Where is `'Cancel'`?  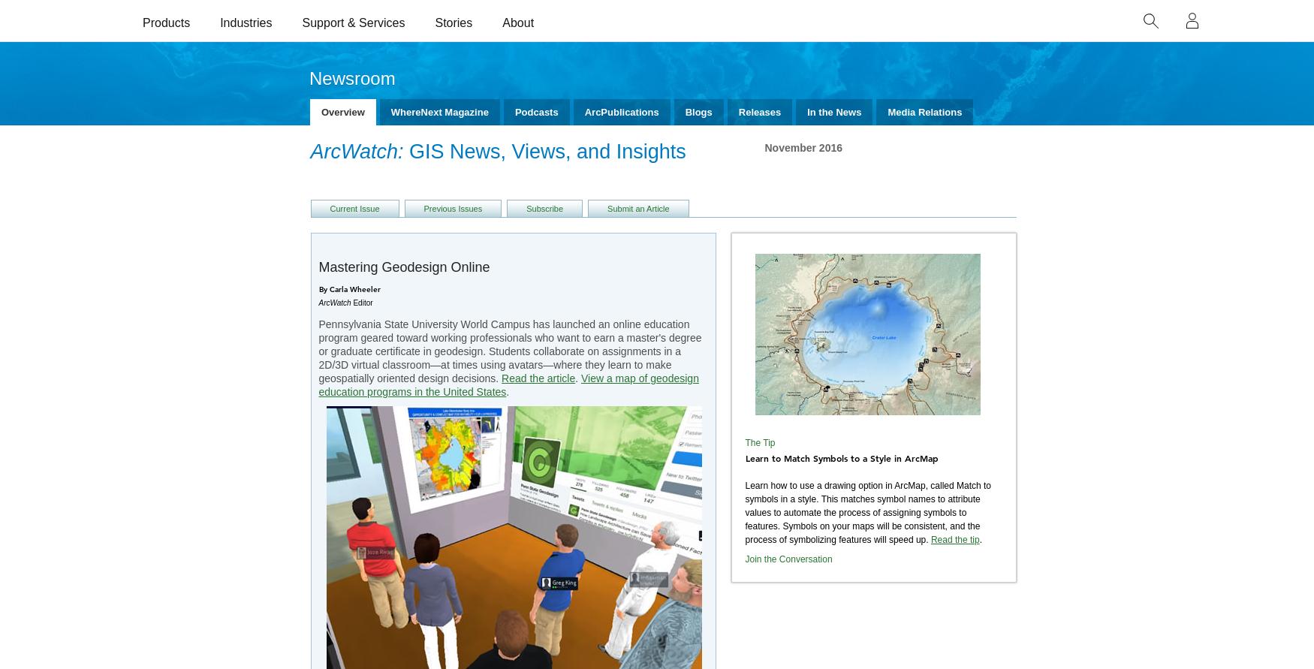 'Cancel' is located at coordinates (1181, 504).